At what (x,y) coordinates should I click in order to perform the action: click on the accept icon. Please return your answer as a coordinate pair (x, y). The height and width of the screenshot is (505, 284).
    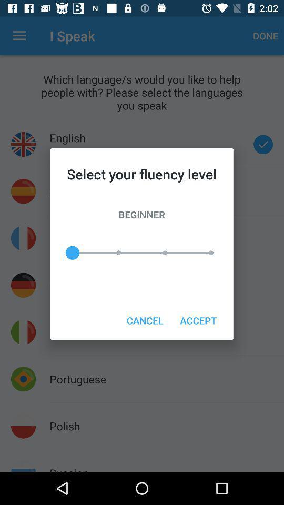
    Looking at the image, I should click on (198, 320).